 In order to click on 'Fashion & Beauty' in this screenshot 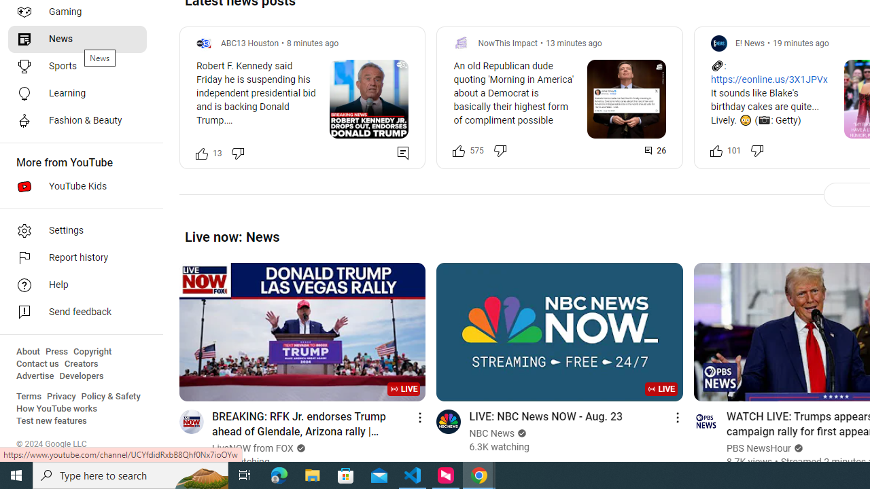, I will do `click(76, 120)`.